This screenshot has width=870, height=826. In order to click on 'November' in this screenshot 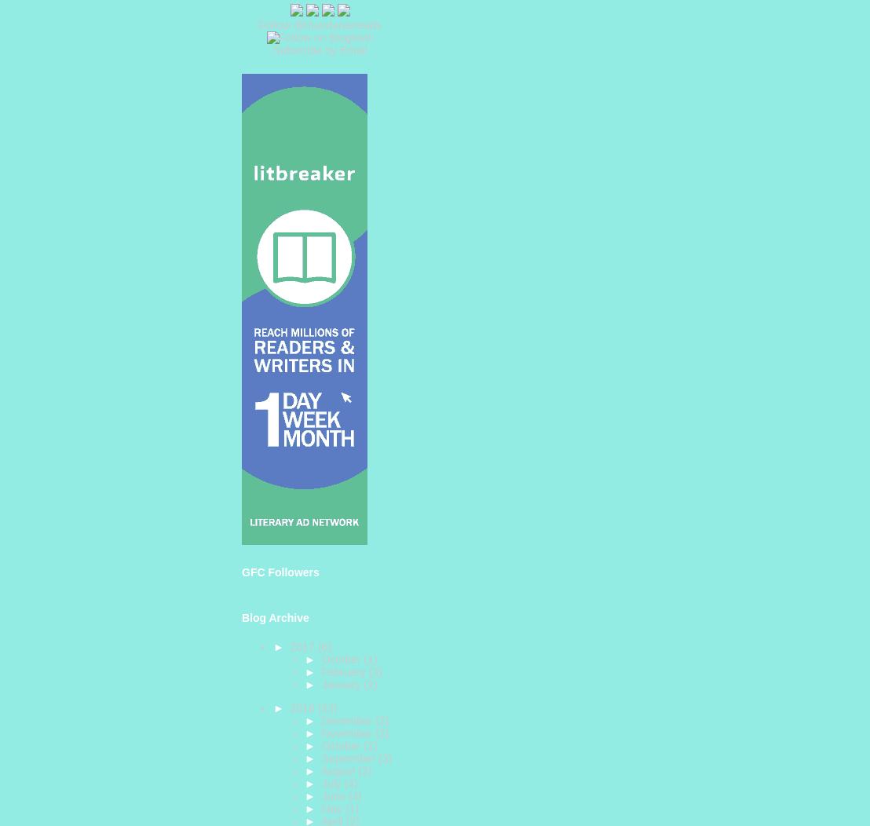, I will do `click(347, 732)`.